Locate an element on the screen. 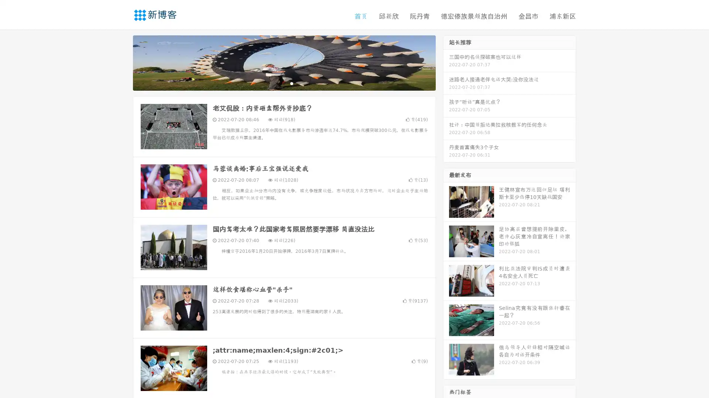  Go to slide 1 is located at coordinates (276, 83).